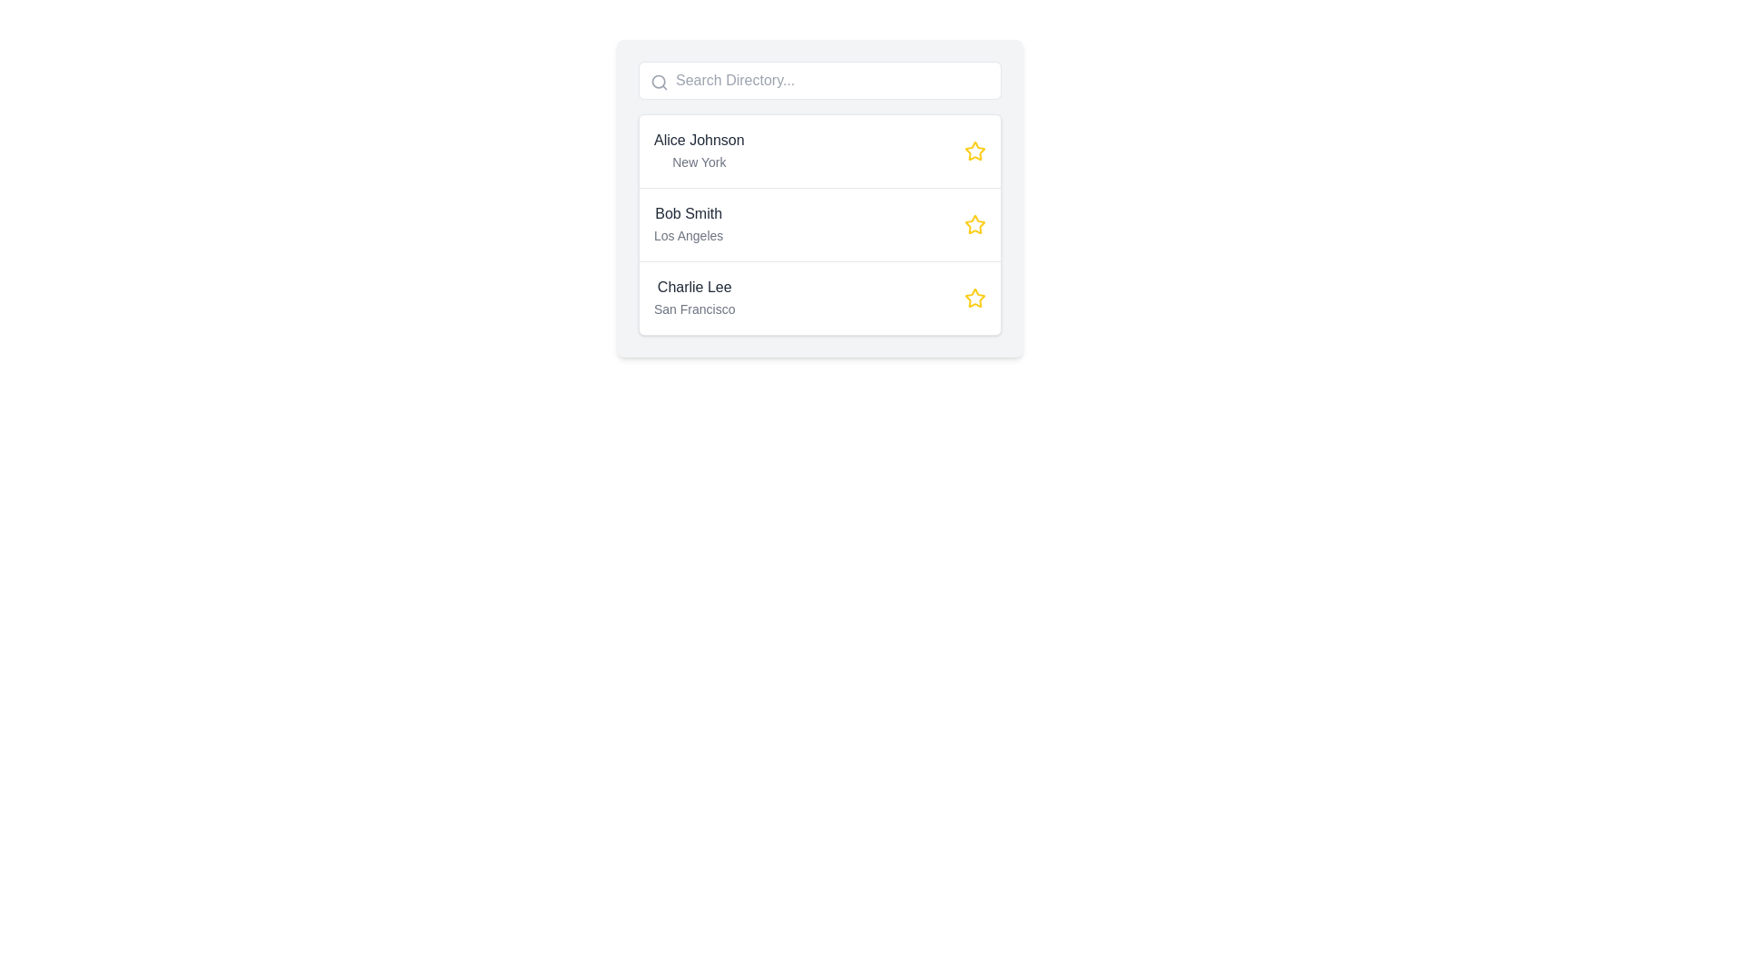 This screenshot has height=980, width=1742. Describe the element at coordinates (658, 83) in the screenshot. I see `the magnifying glass icon, which is styled as part of a search component and positioned to the left of the search input field` at that location.